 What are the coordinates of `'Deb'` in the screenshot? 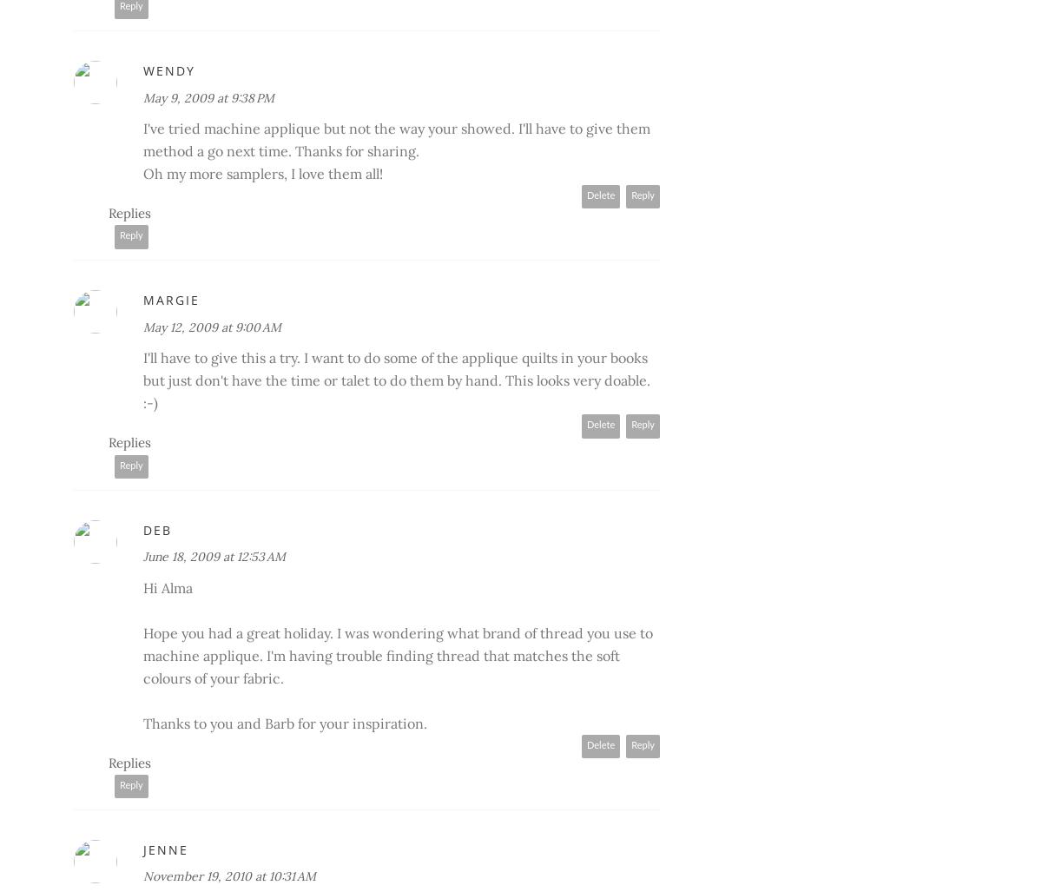 It's located at (156, 529).